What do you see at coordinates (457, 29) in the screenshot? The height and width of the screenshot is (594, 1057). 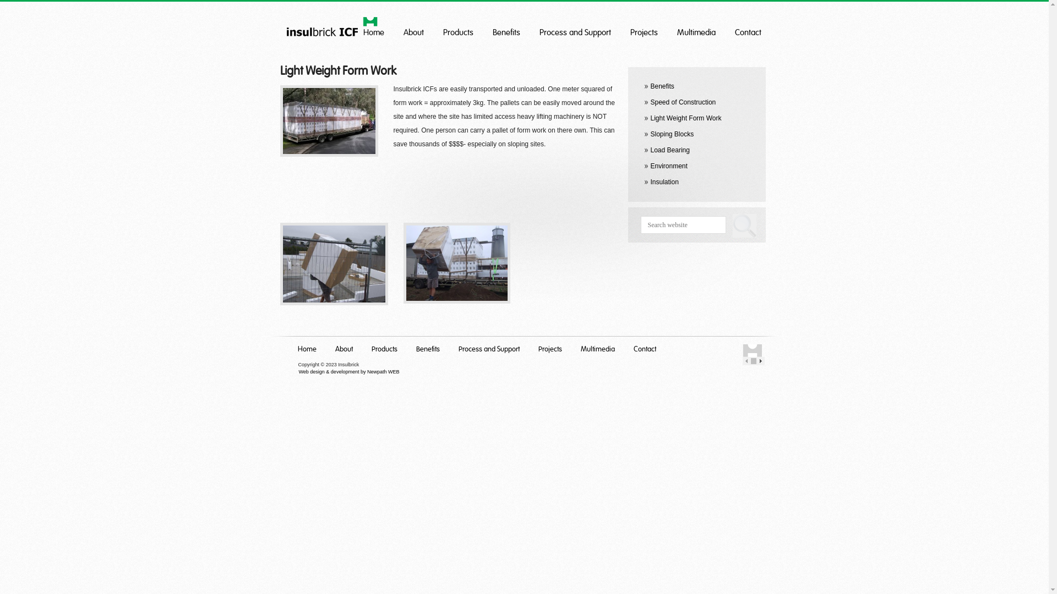 I see `'Products'` at bounding box center [457, 29].